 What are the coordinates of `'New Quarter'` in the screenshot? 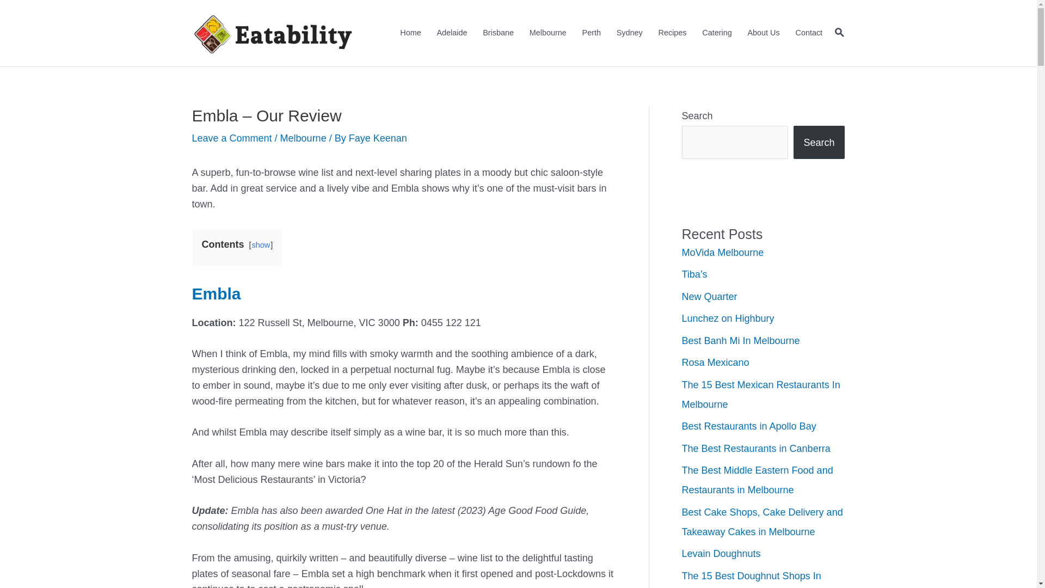 It's located at (681, 296).